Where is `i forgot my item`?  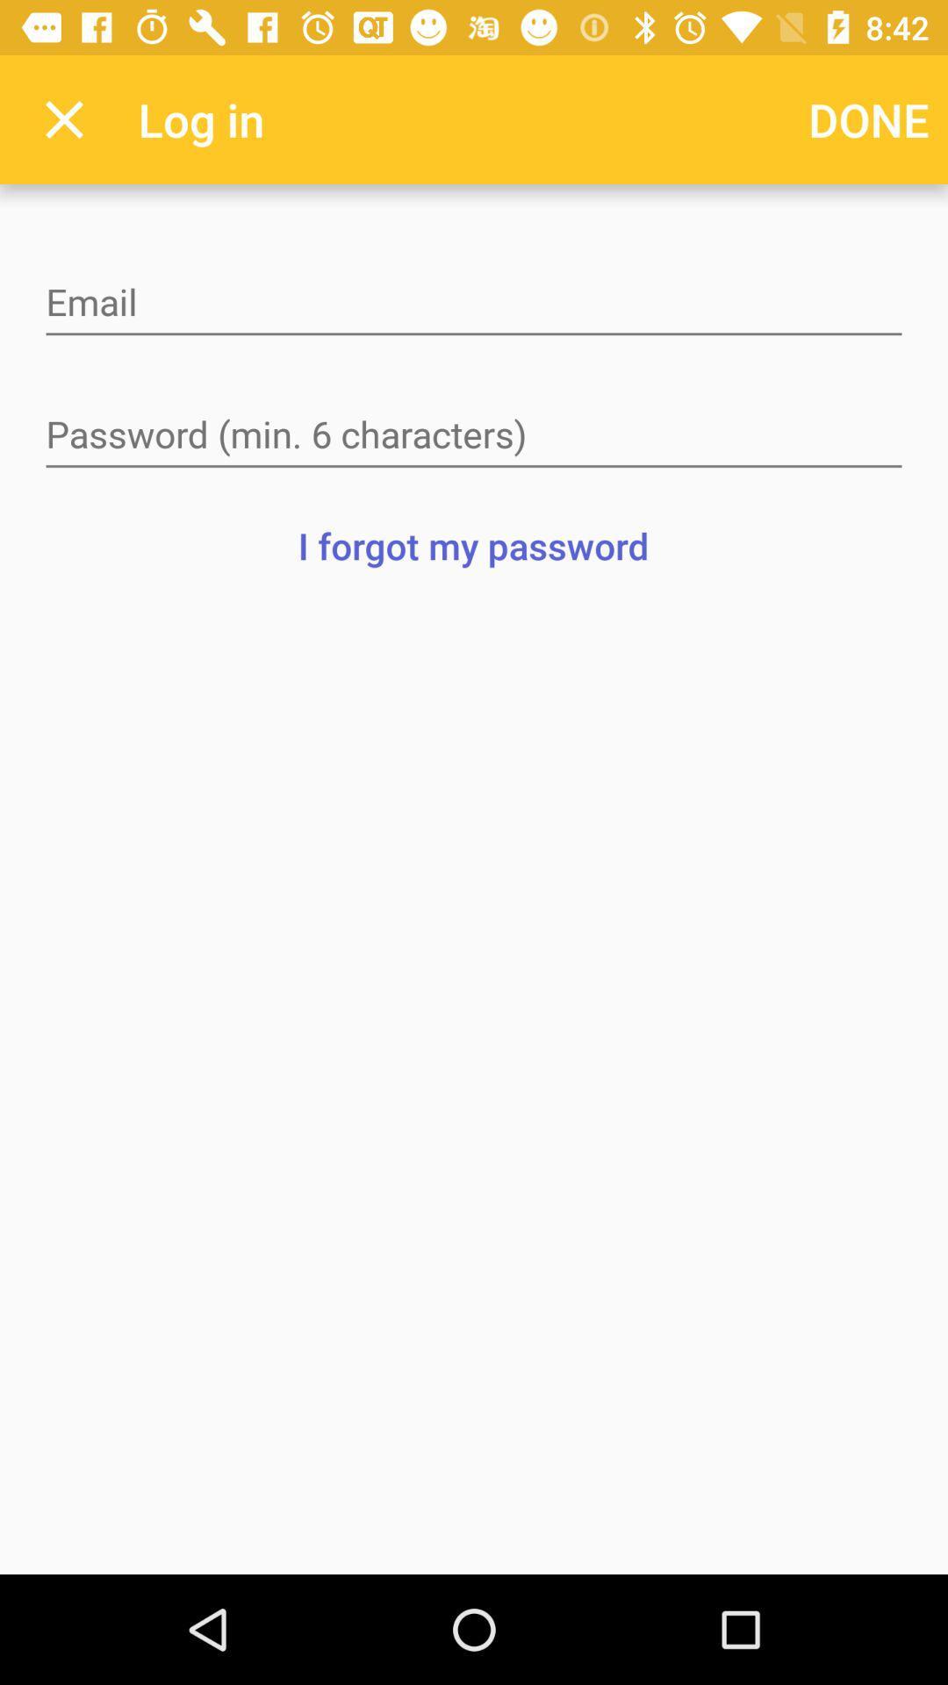 i forgot my item is located at coordinates (472, 544).